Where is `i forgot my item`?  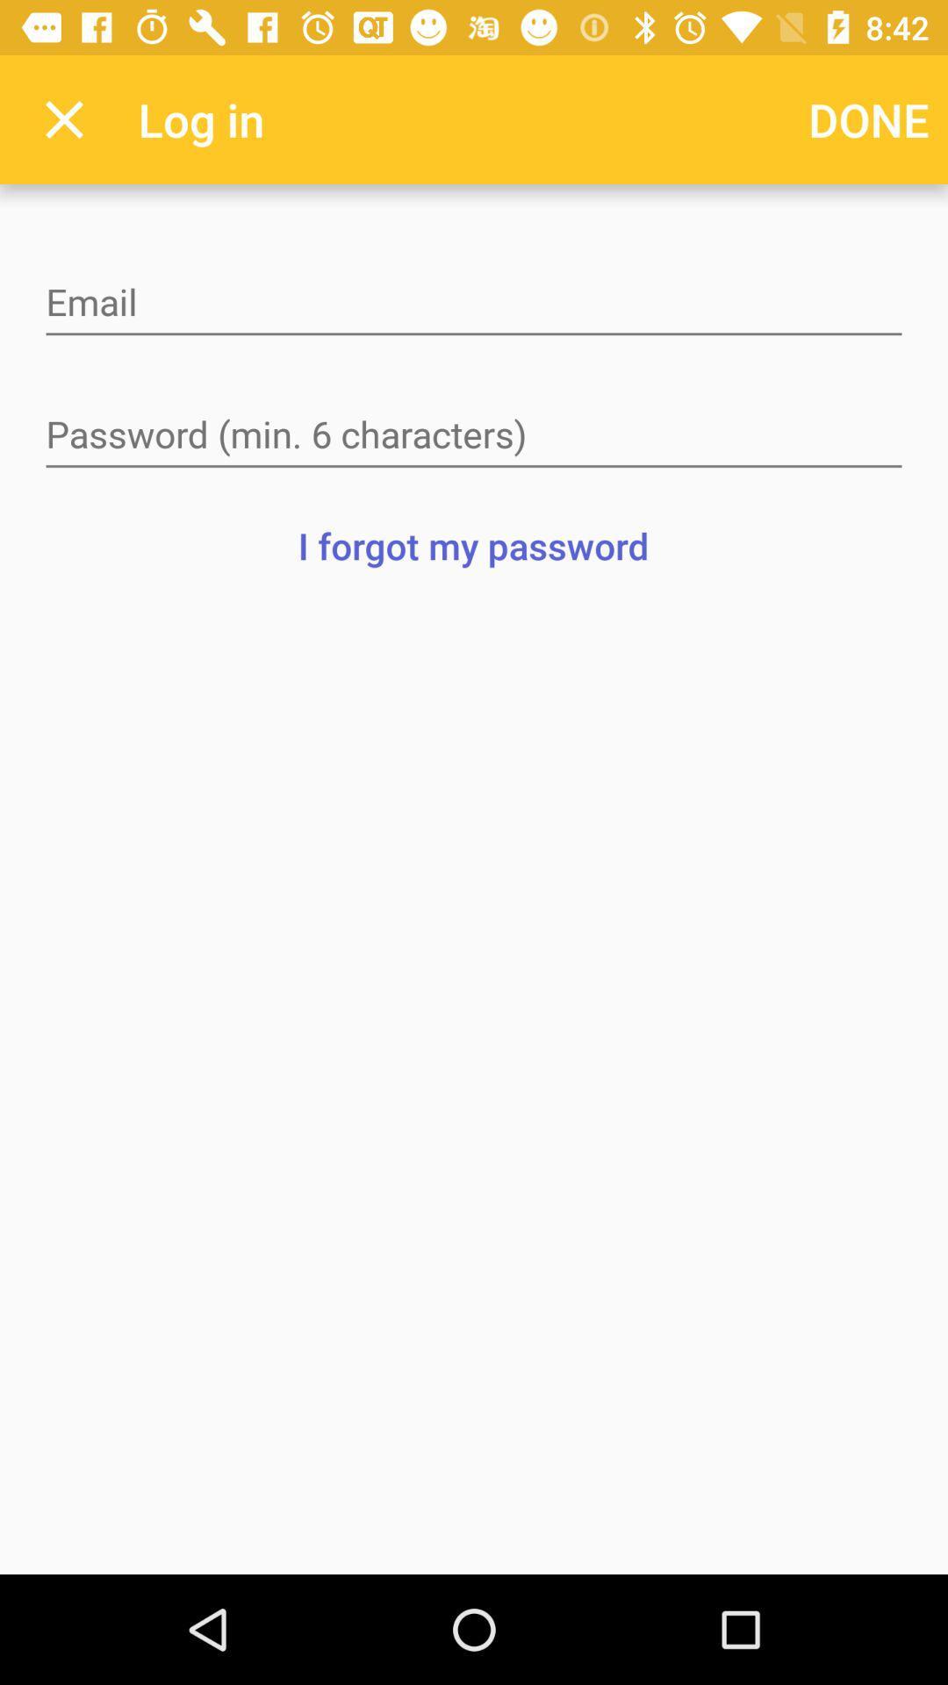 i forgot my item is located at coordinates (472, 544).